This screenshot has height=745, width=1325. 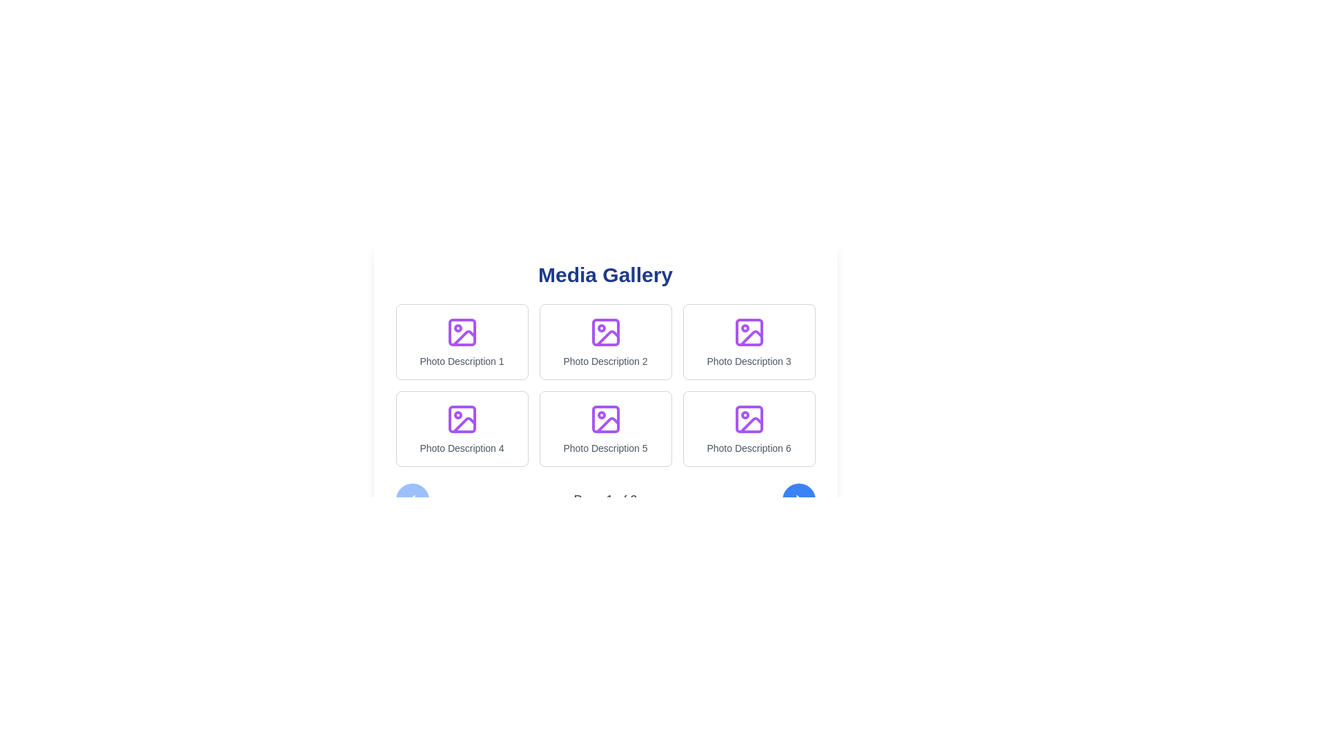 I want to click on the static text label reading 'Photo Description 4', which is located in the fourth tile of a grid of image descriptions, below a purple image icon, so click(x=462, y=448).